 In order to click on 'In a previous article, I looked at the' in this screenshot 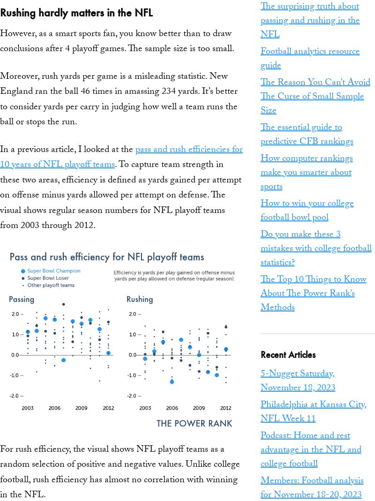, I will do `click(67, 149)`.